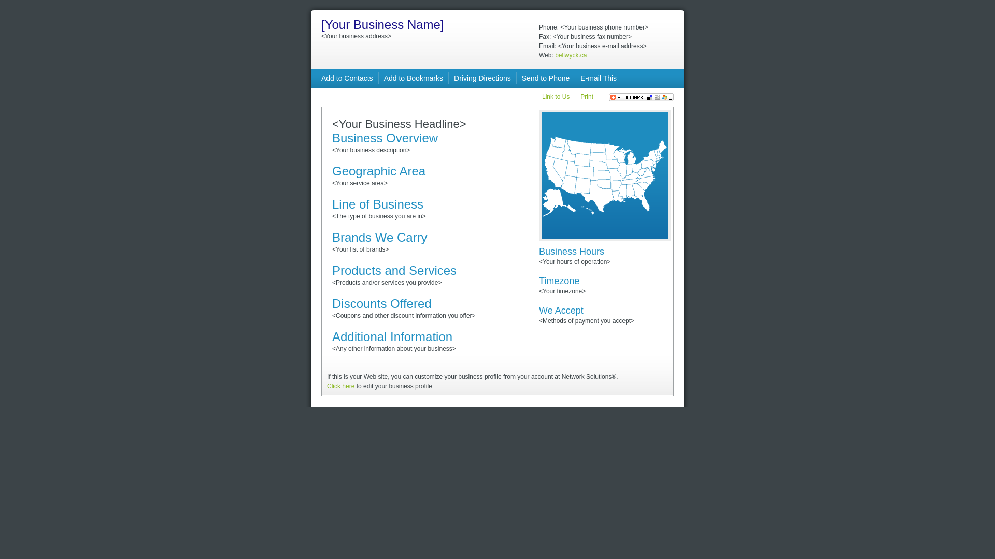 The image size is (995, 559). Describe the element at coordinates (522, 77) in the screenshot. I see `'Send to Phone'` at that location.